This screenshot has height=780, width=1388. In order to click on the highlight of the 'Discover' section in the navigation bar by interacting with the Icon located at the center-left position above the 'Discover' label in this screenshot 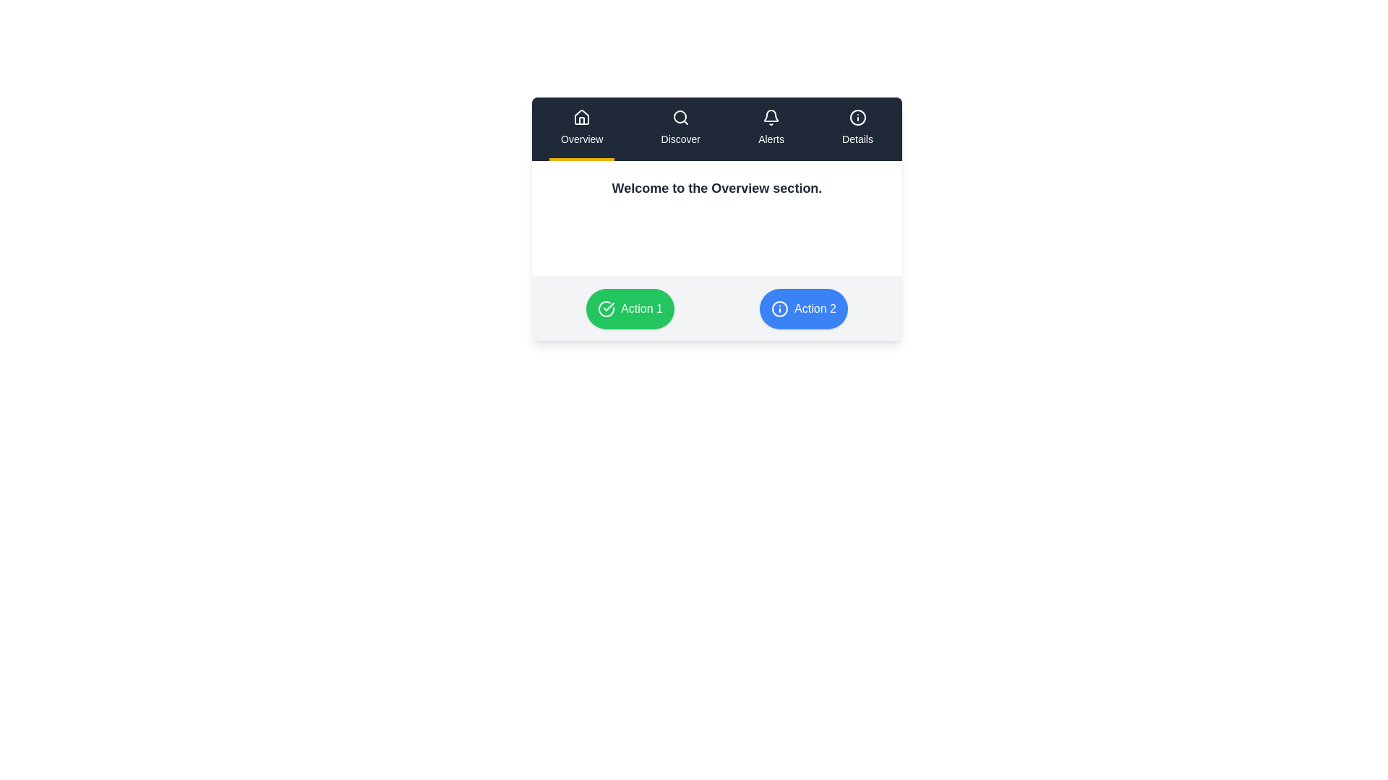, I will do `click(680, 116)`.